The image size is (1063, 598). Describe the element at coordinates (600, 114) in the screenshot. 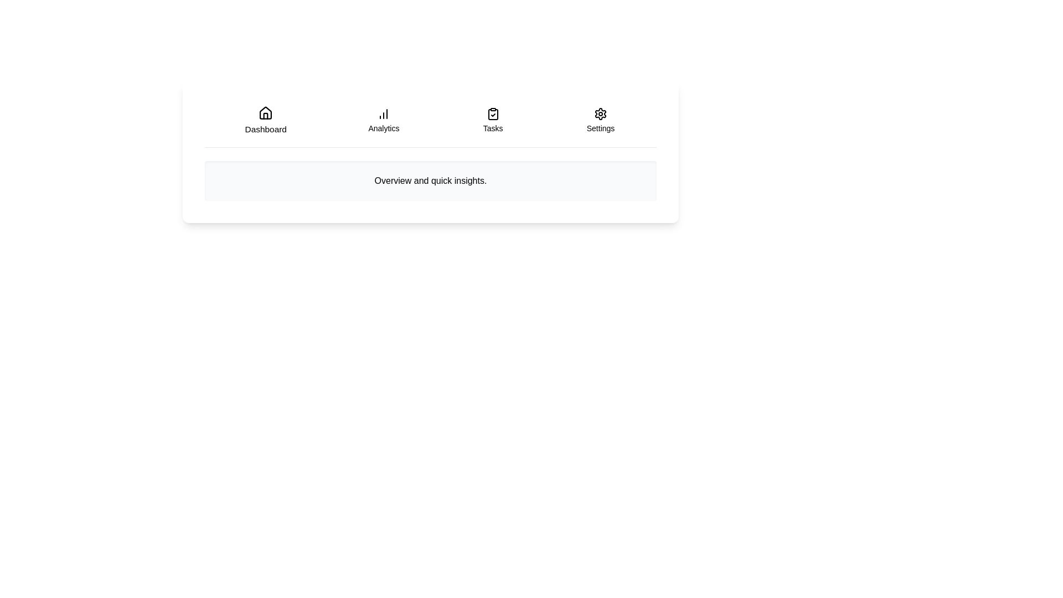

I see `the inner portion of the gear icon in the fourth position of the top navigation bar, which is labeled 'Settings'` at that location.